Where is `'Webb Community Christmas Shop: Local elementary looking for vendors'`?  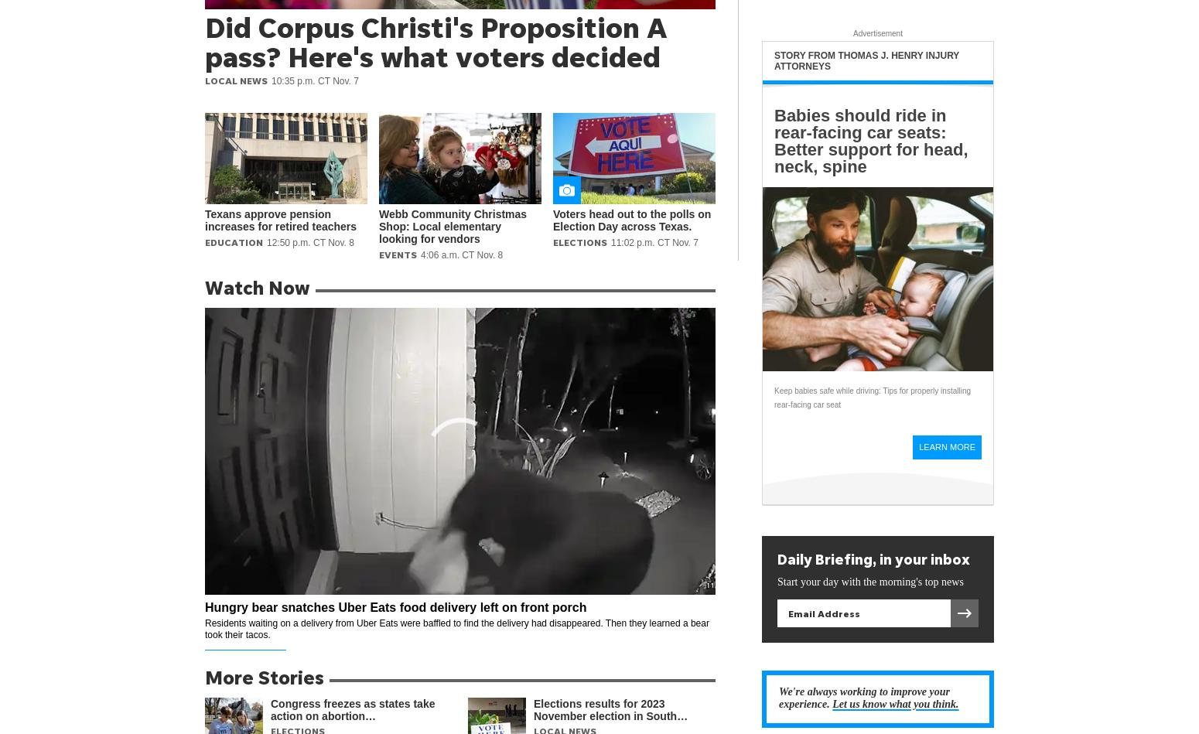
'Webb Community Christmas Shop: Local elementary looking for vendors' is located at coordinates (453, 225).